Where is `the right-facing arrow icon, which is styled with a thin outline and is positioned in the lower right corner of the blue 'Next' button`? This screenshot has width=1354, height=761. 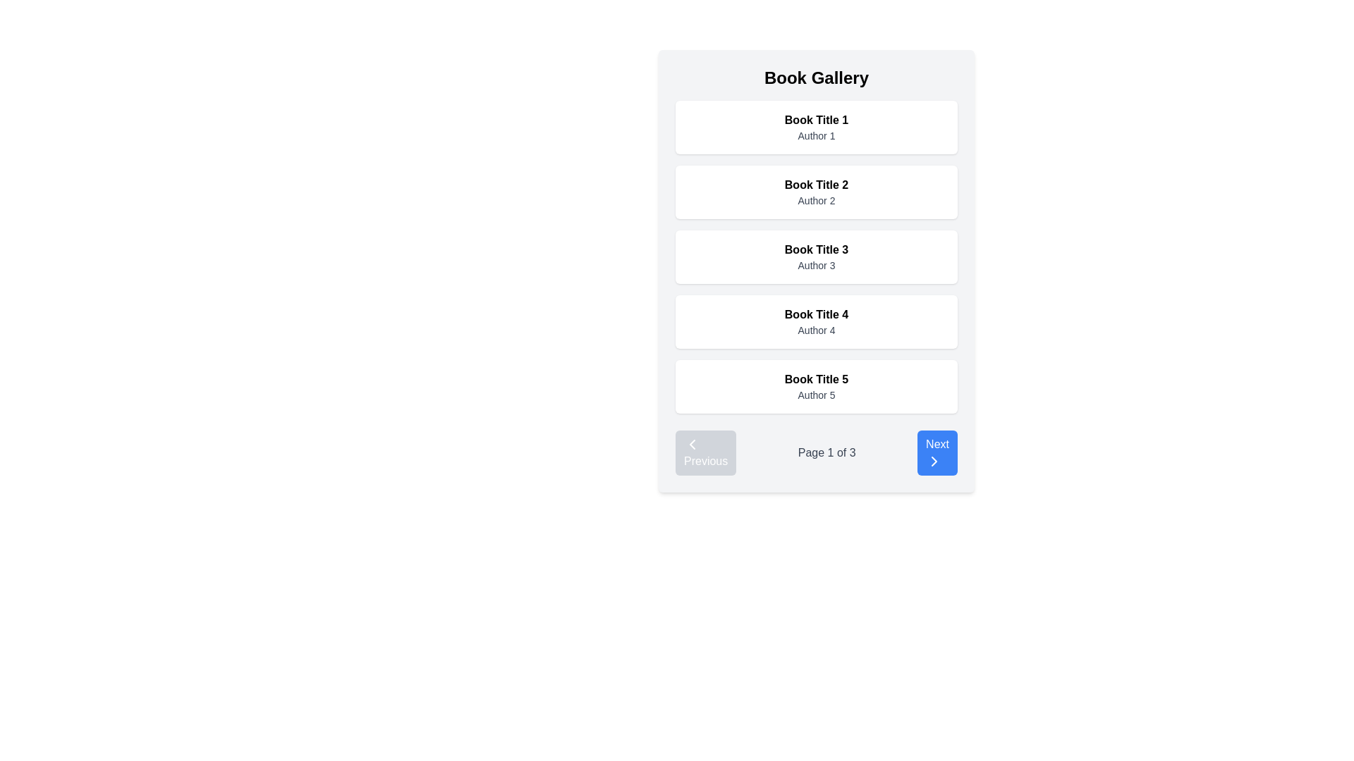
the right-facing arrow icon, which is styled with a thin outline and is positioned in the lower right corner of the blue 'Next' button is located at coordinates (934, 462).